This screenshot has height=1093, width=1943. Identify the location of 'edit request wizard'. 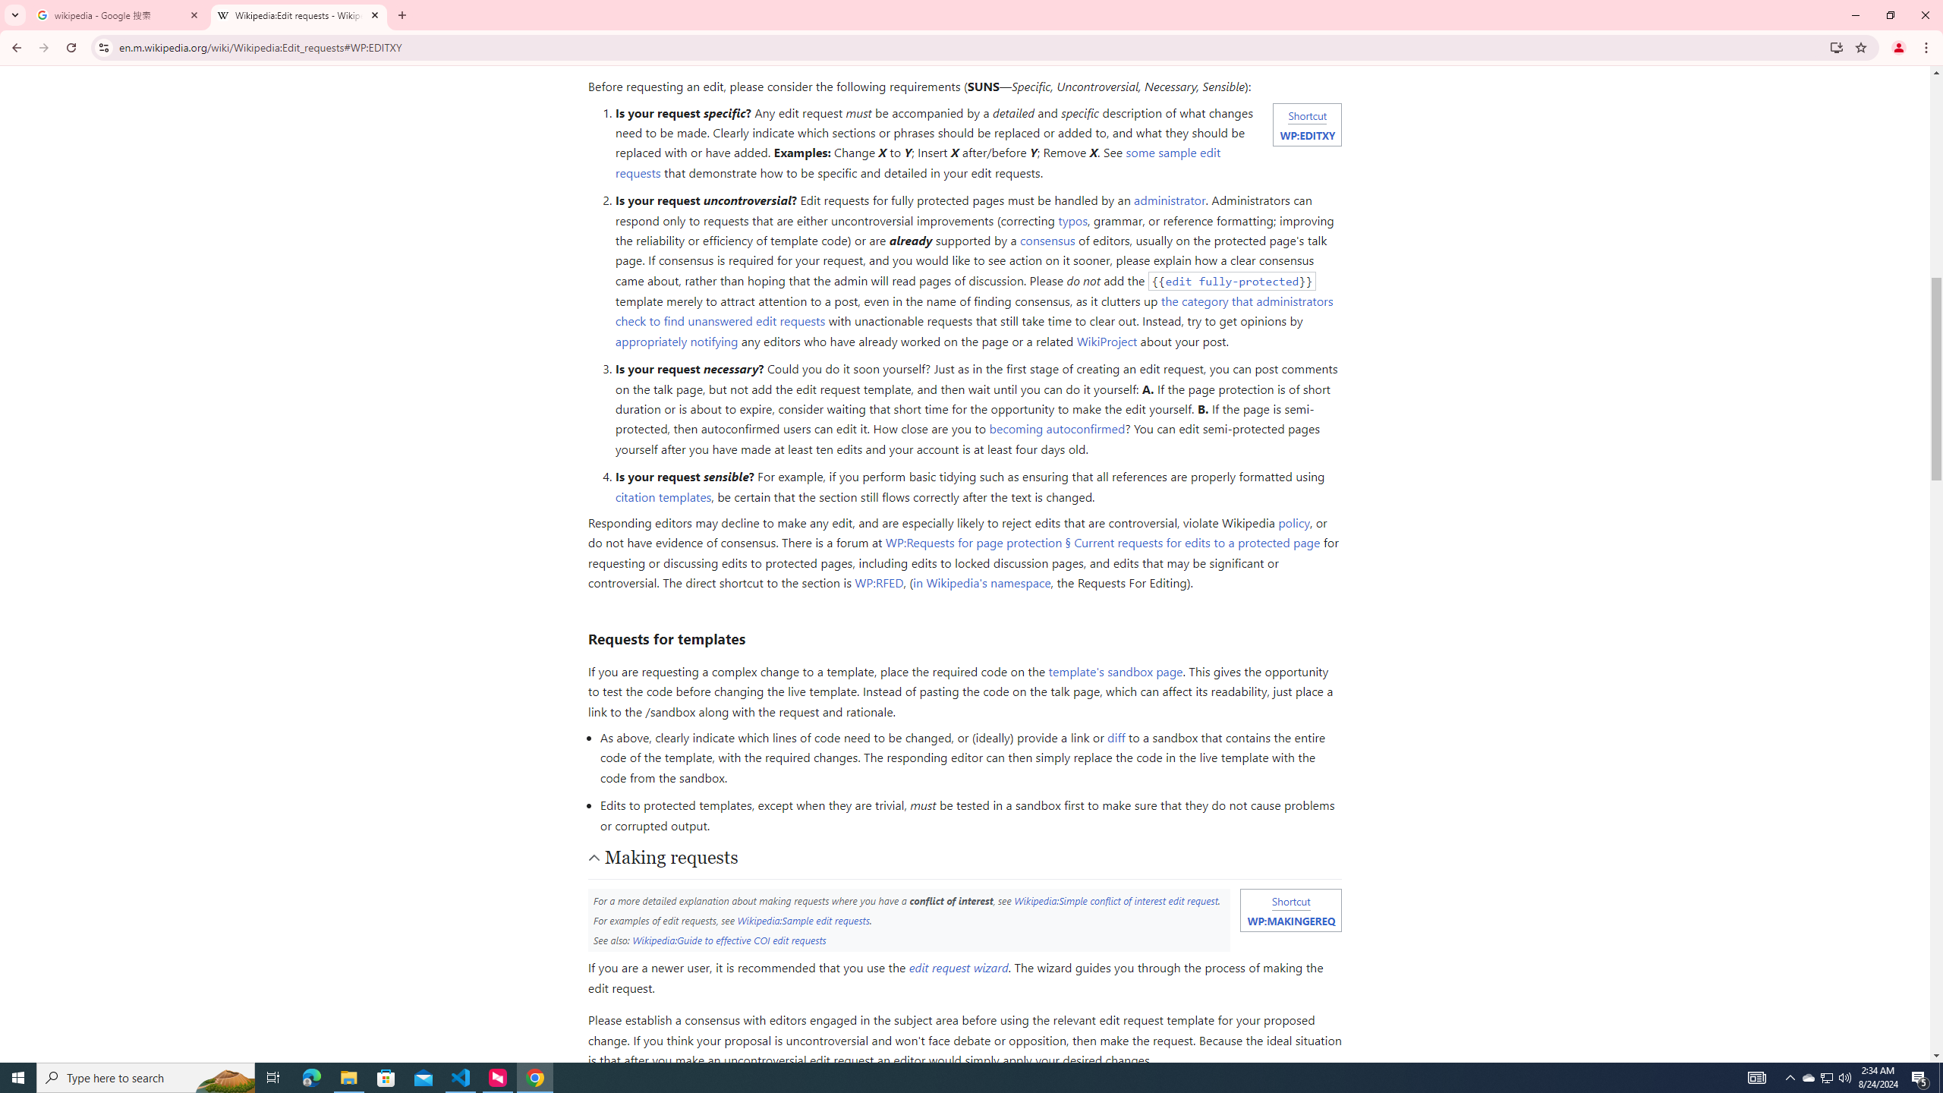
(959, 968).